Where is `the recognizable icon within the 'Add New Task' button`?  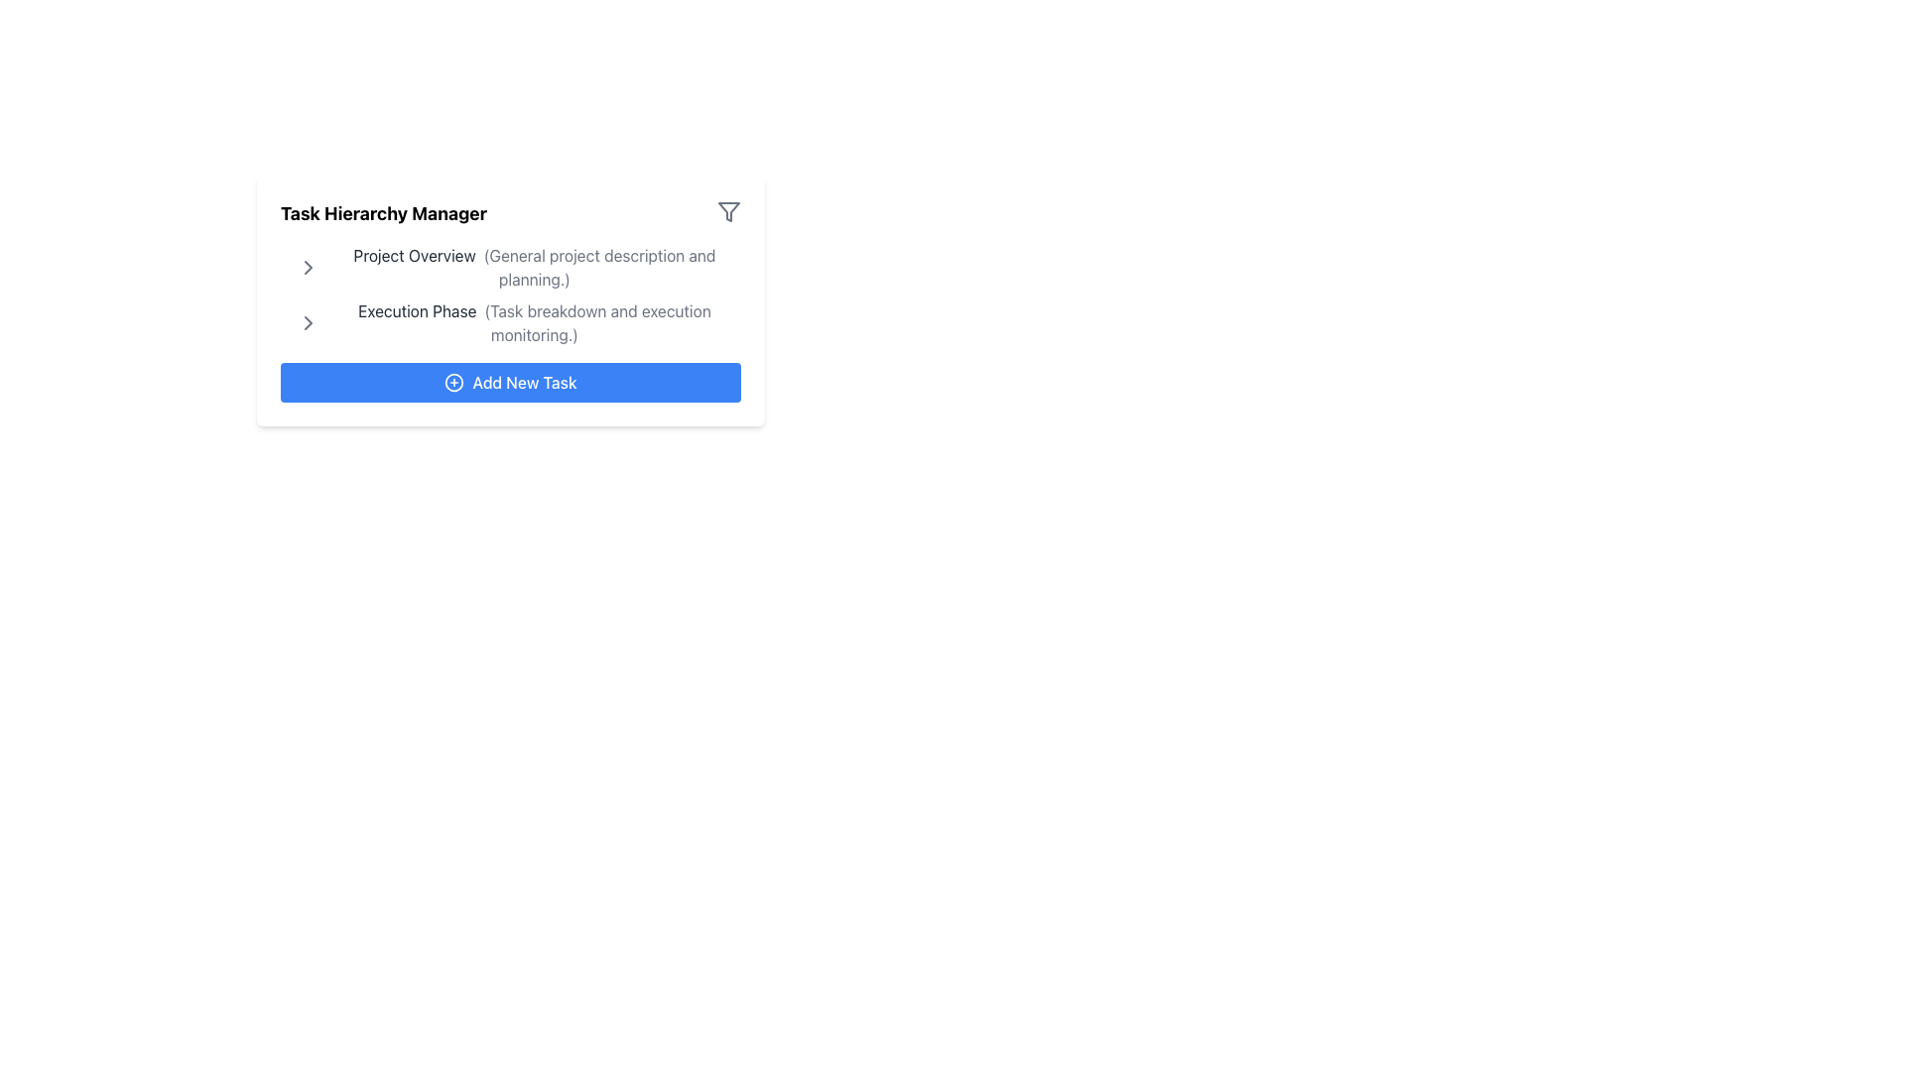
the recognizable icon within the 'Add New Task' button is located at coordinates (453, 382).